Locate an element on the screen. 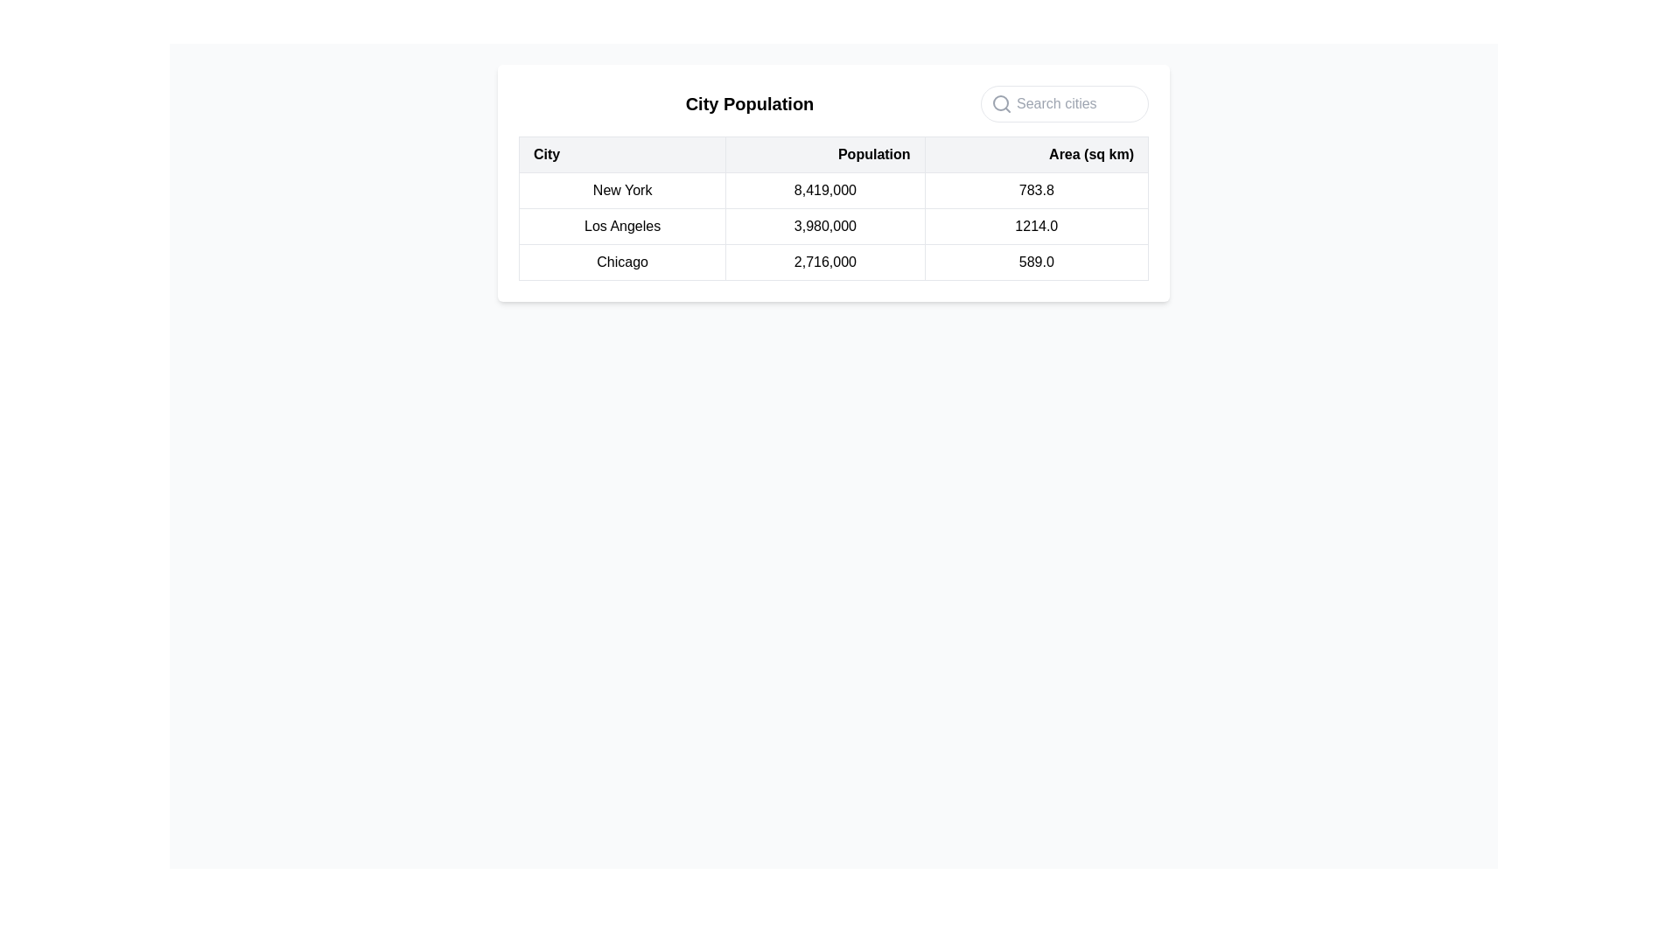 Image resolution: width=1680 pixels, height=945 pixels. the static text label indicating the name of the city, which is located in the first column of the second row in the 'City Population' table, positioned between 'New York' and 'Chicago' is located at coordinates (622, 225).